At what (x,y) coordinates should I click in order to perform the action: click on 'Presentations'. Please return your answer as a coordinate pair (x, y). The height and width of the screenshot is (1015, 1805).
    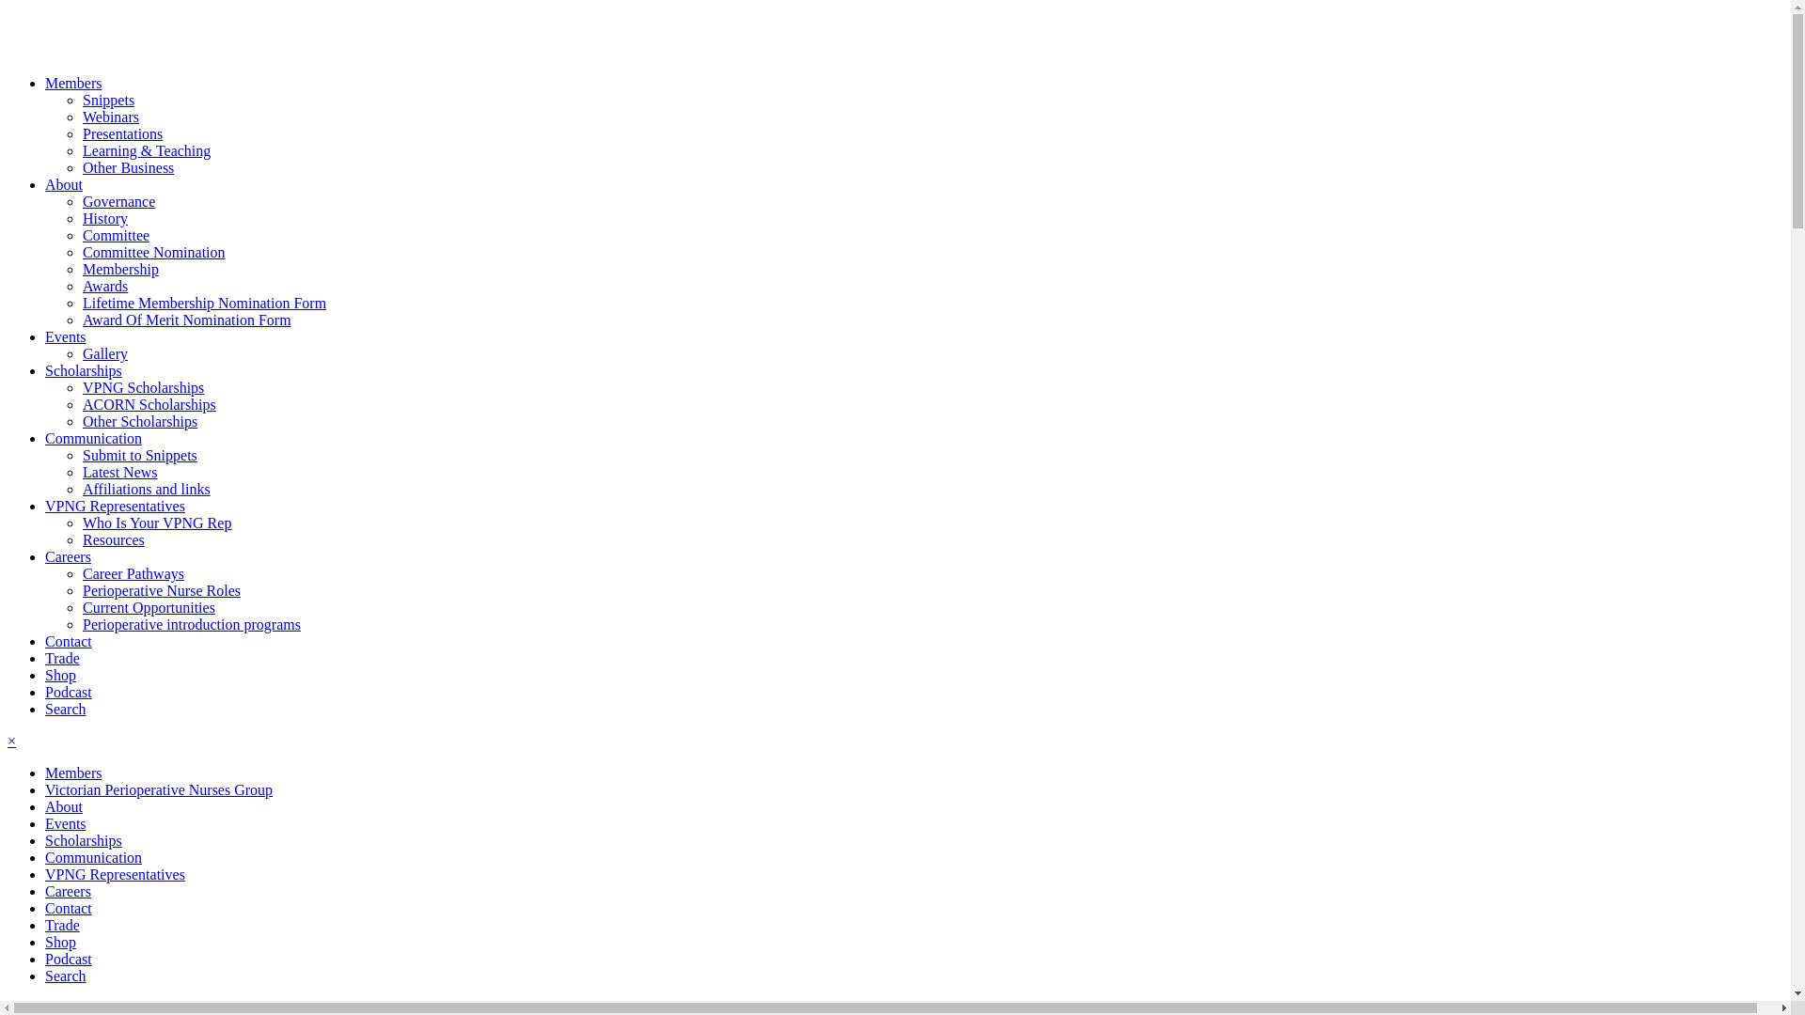
    Looking at the image, I should click on (121, 133).